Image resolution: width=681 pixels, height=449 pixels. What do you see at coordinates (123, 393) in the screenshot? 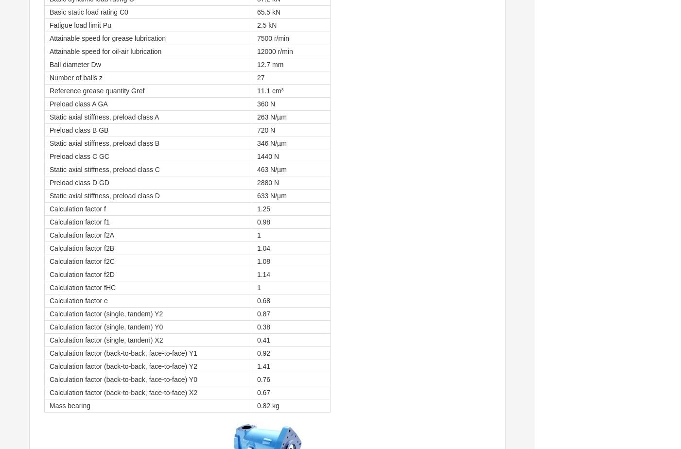
I see `'Calculation factor (back-to-back, face-to-face) X2'` at bounding box center [123, 393].